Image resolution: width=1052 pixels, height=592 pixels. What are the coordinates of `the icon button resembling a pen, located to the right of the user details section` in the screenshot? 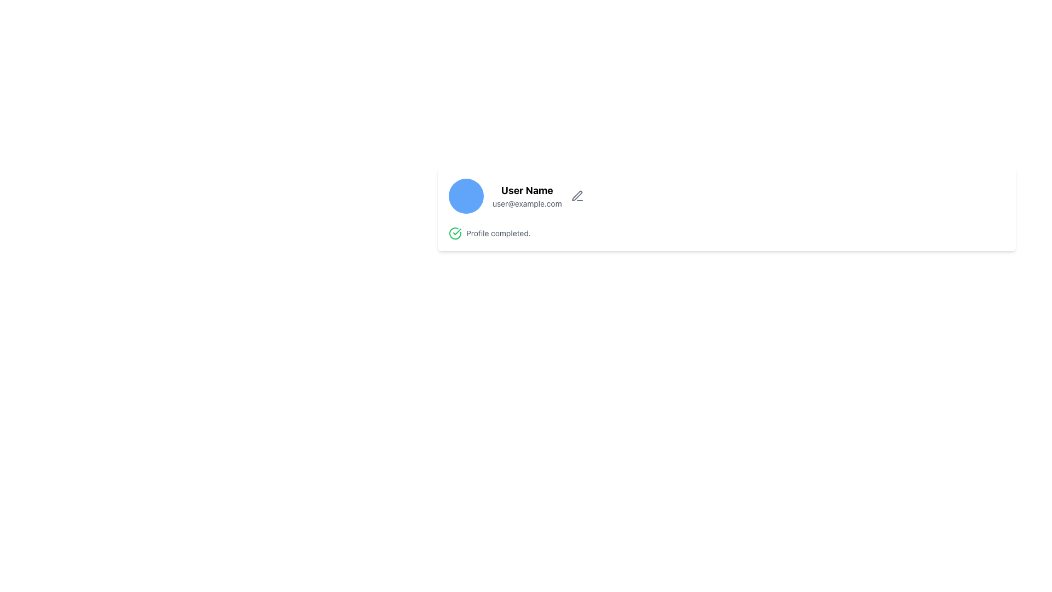 It's located at (576, 196).